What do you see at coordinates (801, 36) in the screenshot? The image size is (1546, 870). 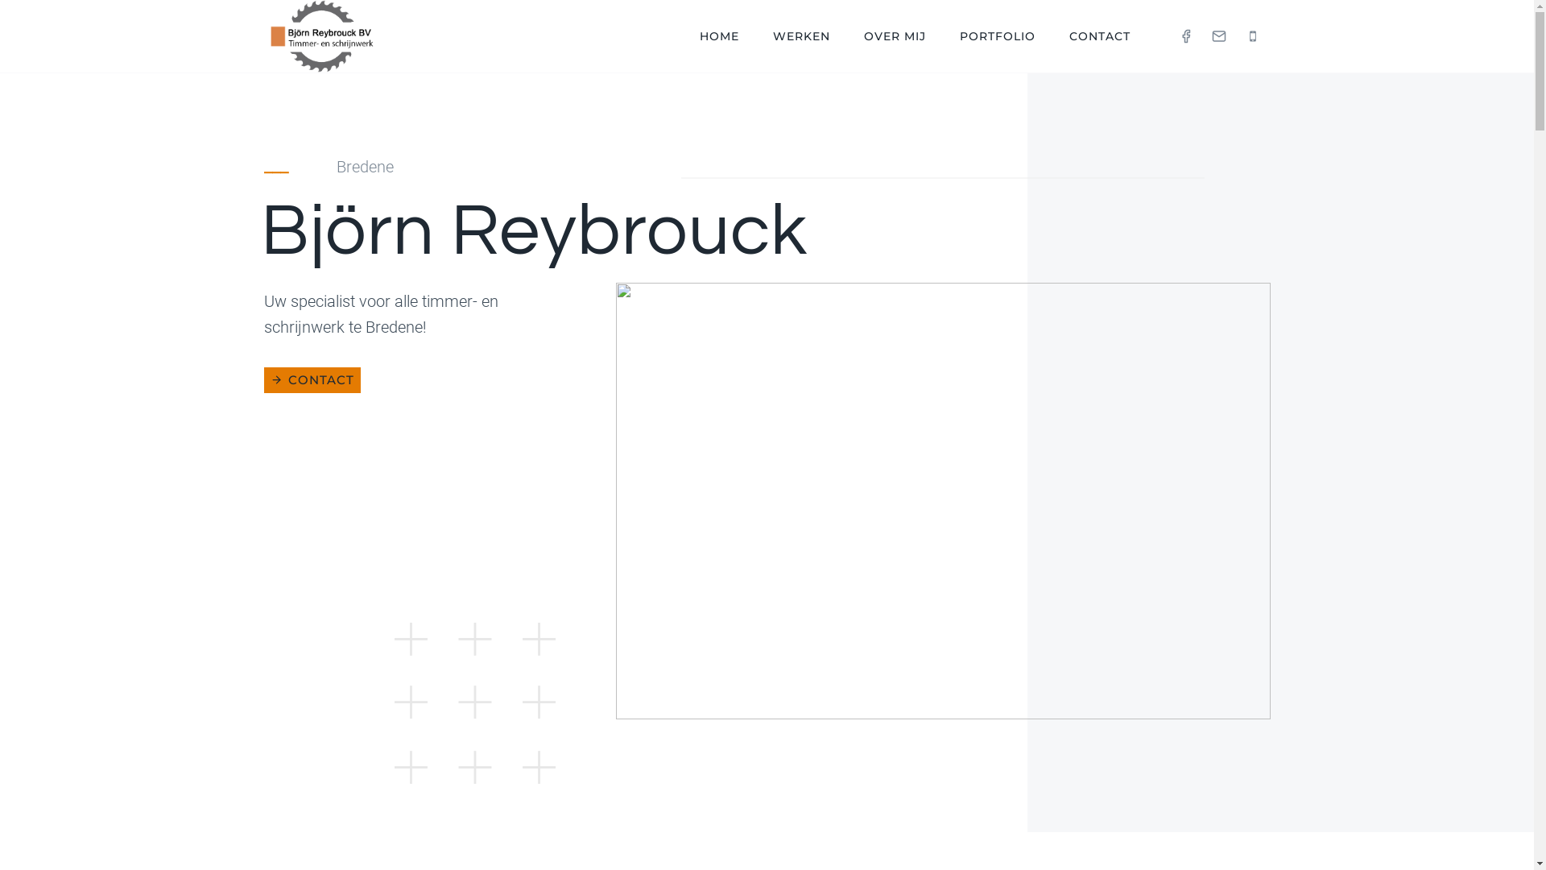 I see `'WERKEN'` at bounding box center [801, 36].